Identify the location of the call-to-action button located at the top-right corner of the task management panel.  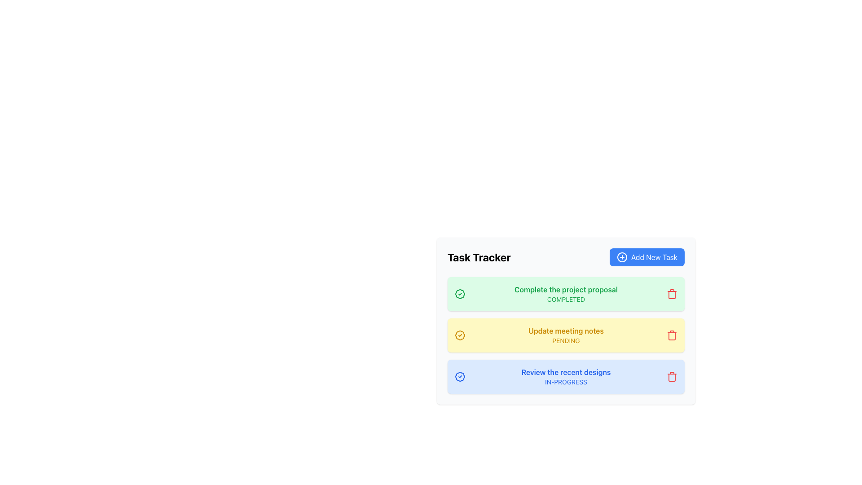
(654, 257).